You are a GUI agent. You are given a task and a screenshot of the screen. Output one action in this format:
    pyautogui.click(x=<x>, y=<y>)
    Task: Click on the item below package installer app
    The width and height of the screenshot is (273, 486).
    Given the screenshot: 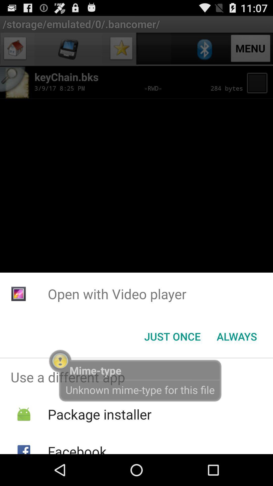 What is the action you would take?
    pyautogui.click(x=77, y=448)
    